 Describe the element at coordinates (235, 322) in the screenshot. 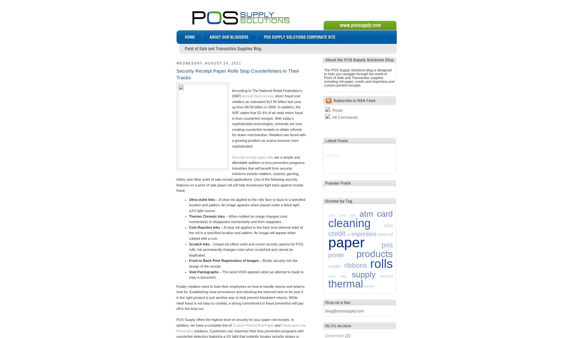

I see `'POS Supply offers the highest level of security for your paper roll receipts. In addition, we have a complete line of'` at that location.